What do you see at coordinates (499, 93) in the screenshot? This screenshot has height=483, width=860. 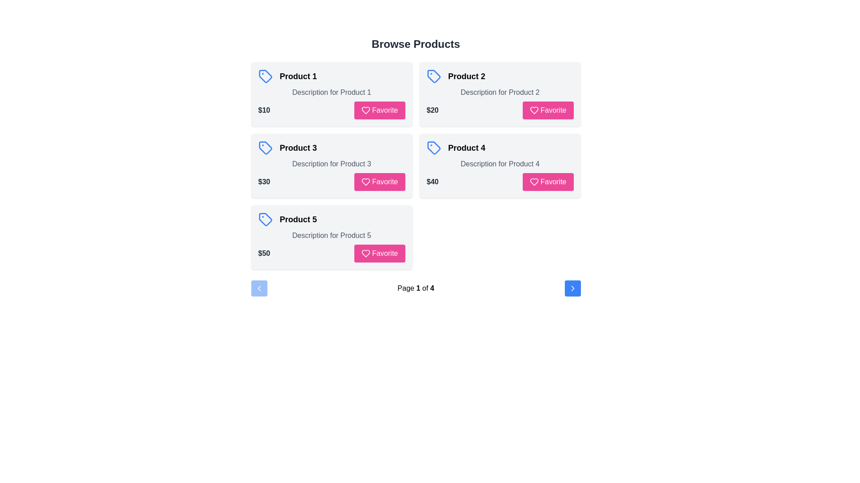 I see `the text label styled in gray color with the text 'Description for Product 2', which is located within the product card for 'Product 2' in the top-middle column of a grid layout` at bounding box center [499, 93].